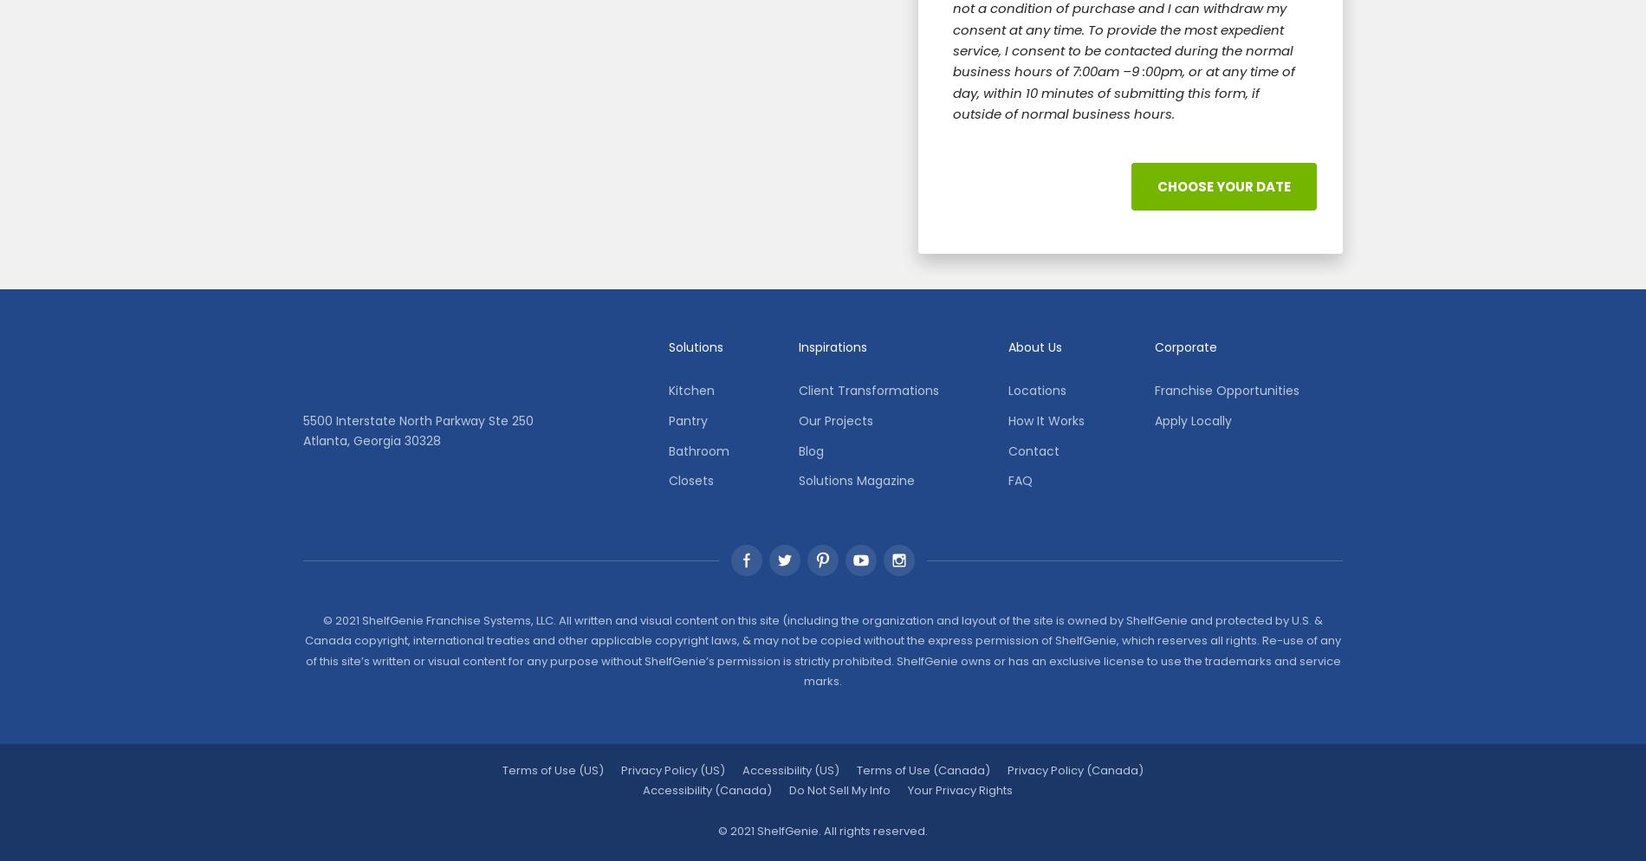  What do you see at coordinates (1036, 390) in the screenshot?
I see `'Locations'` at bounding box center [1036, 390].